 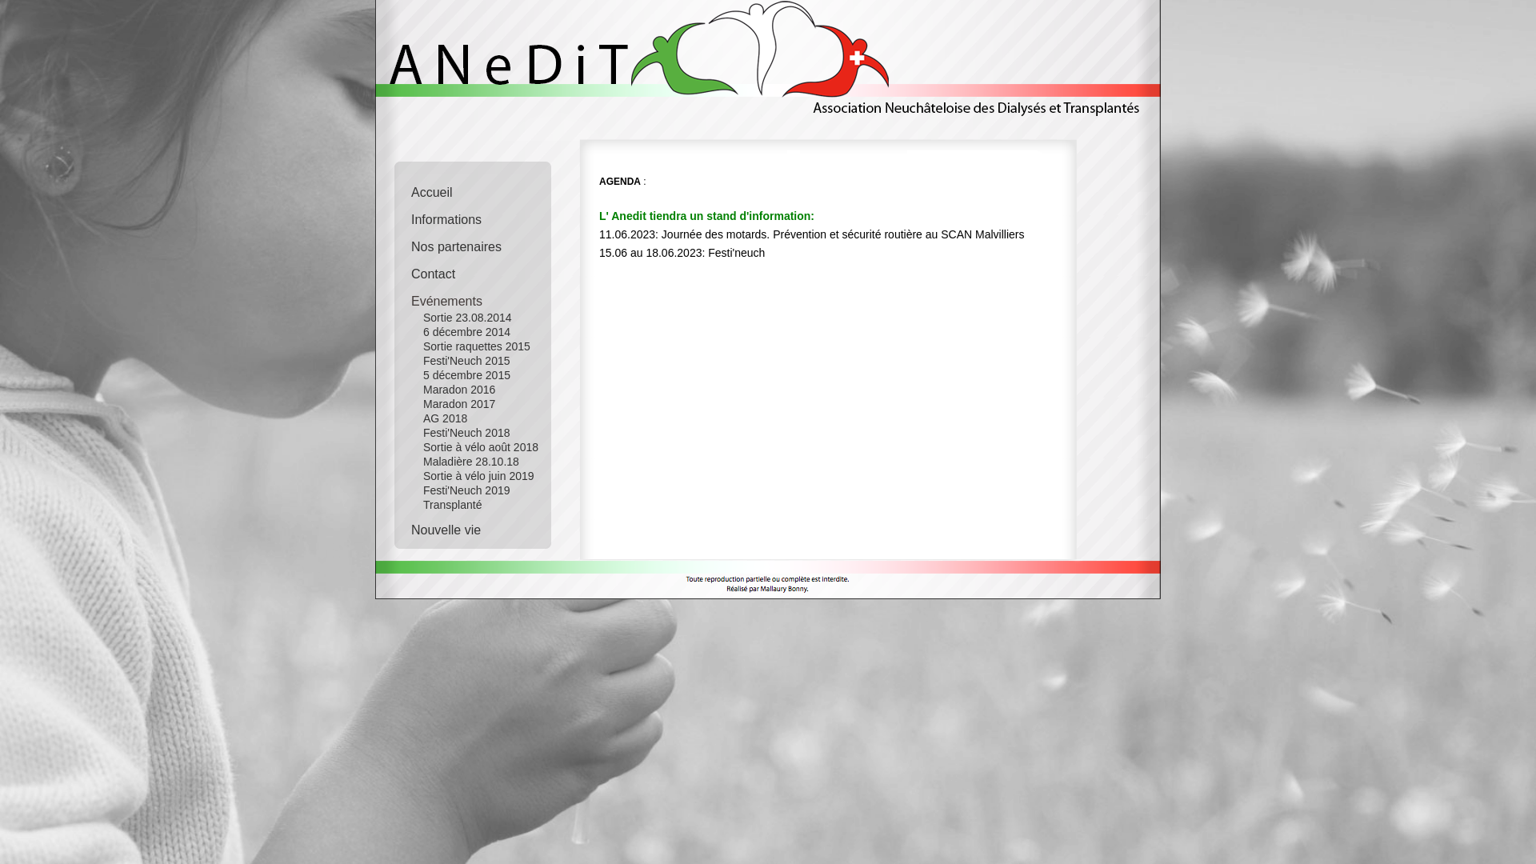 What do you see at coordinates (470, 361) in the screenshot?
I see `'Festi'Neuch 2015'` at bounding box center [470, 361].